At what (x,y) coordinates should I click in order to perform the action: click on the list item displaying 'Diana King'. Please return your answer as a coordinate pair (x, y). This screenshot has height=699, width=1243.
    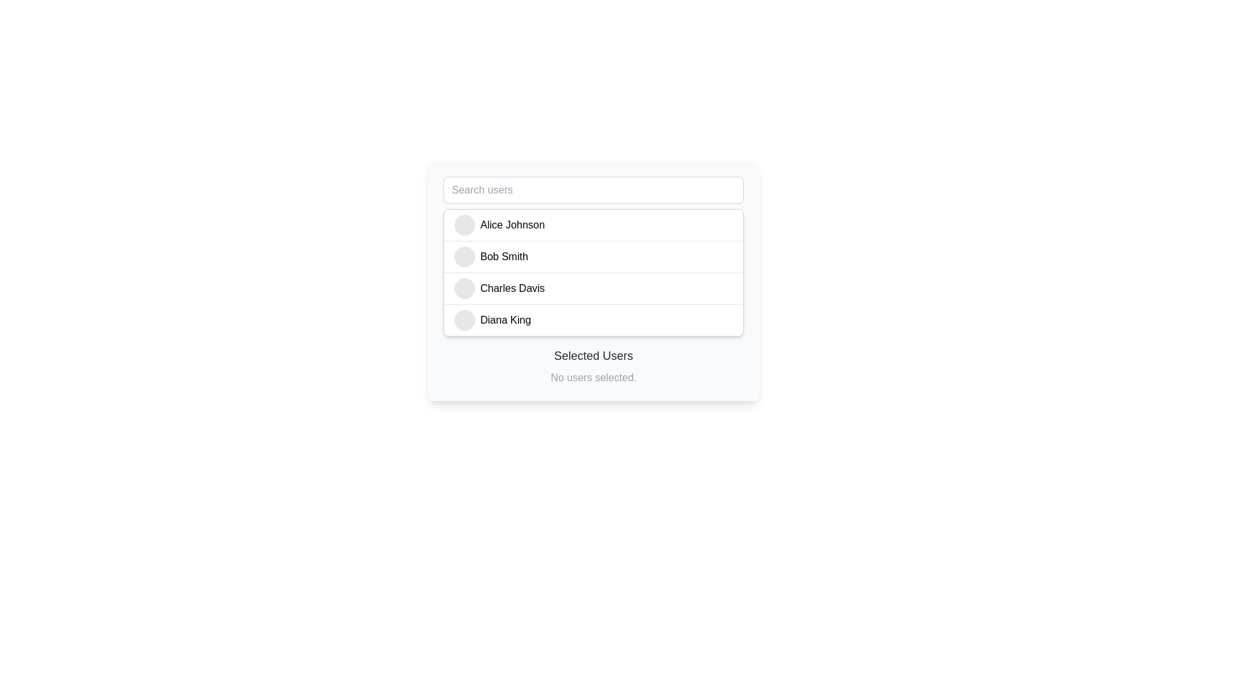
    Looking at the image, I should click on (592, 320).